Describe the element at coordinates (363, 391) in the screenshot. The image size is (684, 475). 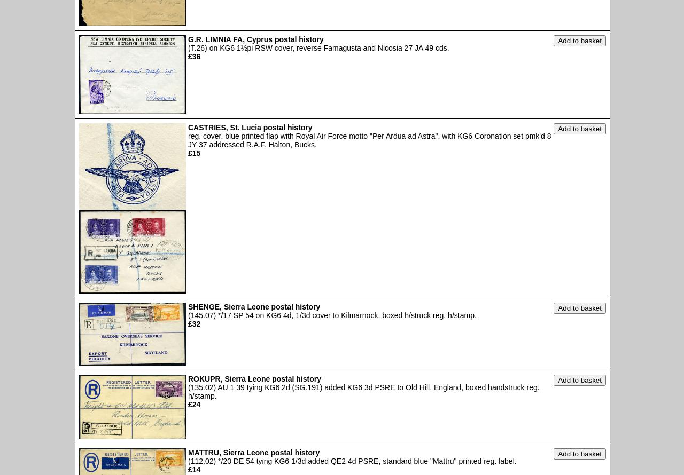
I see `'(135.02) AU 1 39 tying KG6 2d (SG.191) added KG6 3d PSRE to Old Hill, England, boxed handstruck reg. h/stamp.'` at that location.